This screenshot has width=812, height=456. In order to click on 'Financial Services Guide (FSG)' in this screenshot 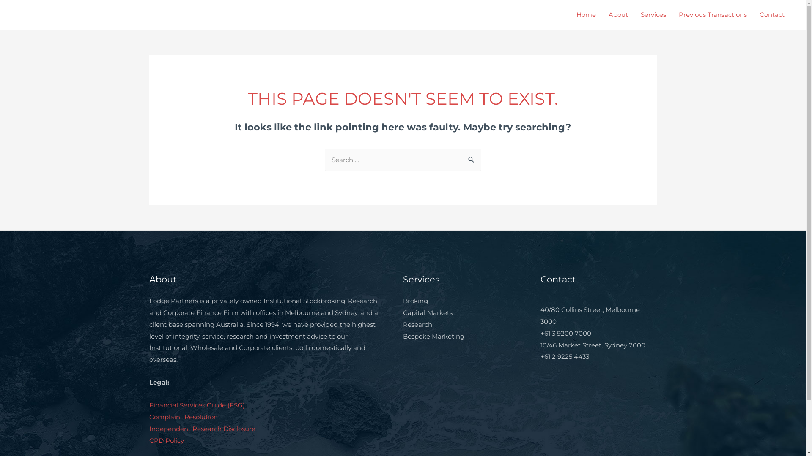, I will do `click(196, 404)`.